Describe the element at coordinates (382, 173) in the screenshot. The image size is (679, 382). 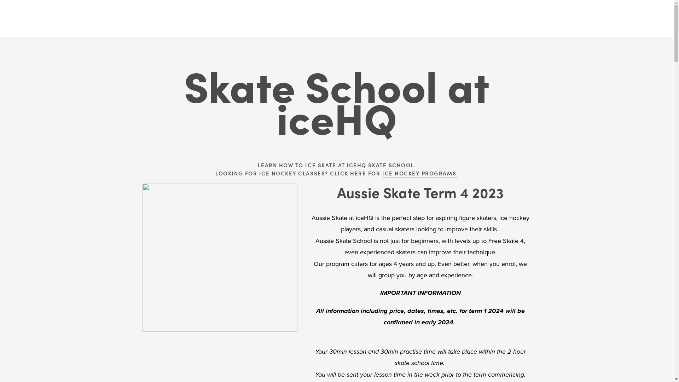
I see `'ICE HOCKEY PROGRAMS '` at that location.